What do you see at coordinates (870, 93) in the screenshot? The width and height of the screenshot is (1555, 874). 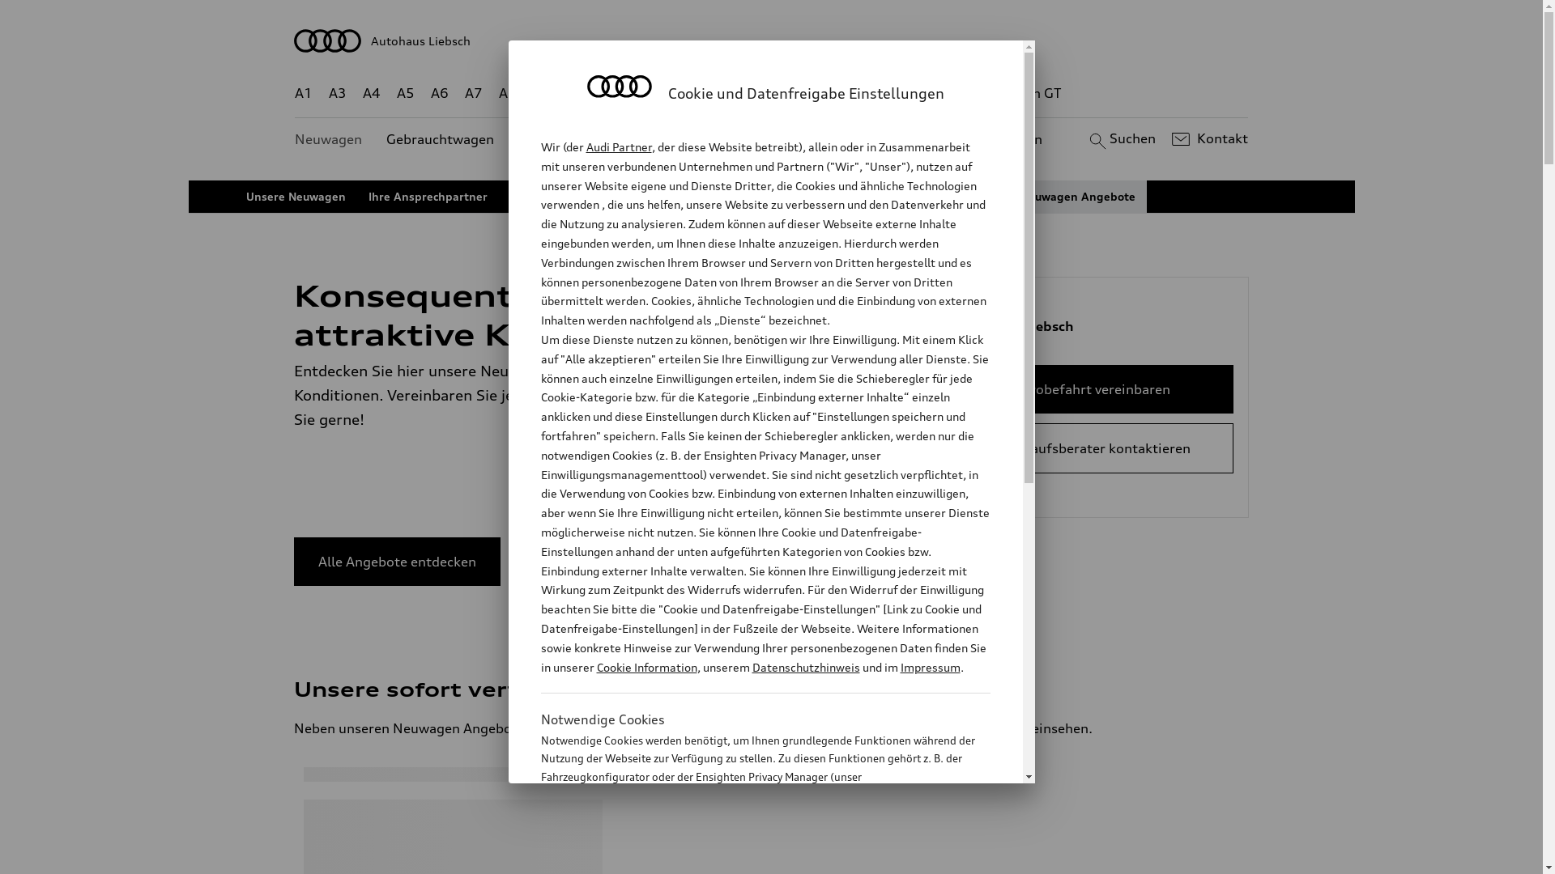 I see `'TT'` at bounding box center [870, 93].